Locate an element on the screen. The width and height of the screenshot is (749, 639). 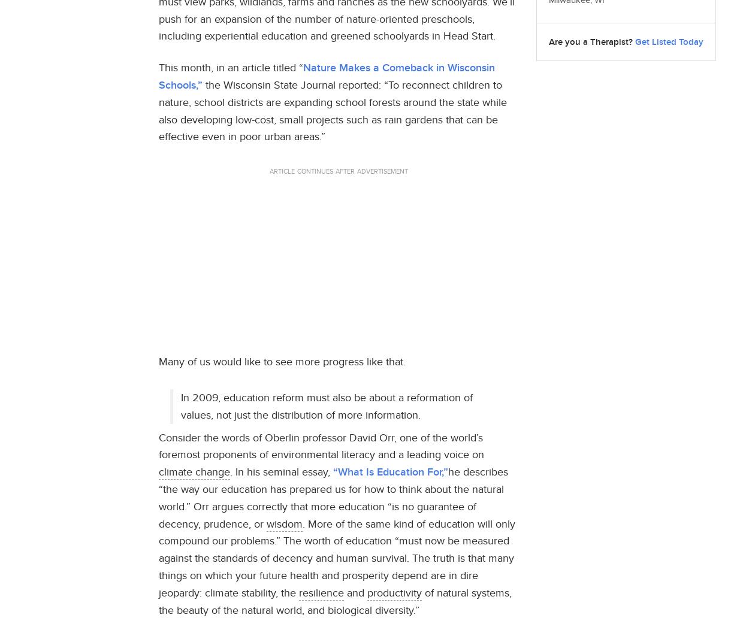
'Are you a Therapist?' is located at coordinates (590, 41).